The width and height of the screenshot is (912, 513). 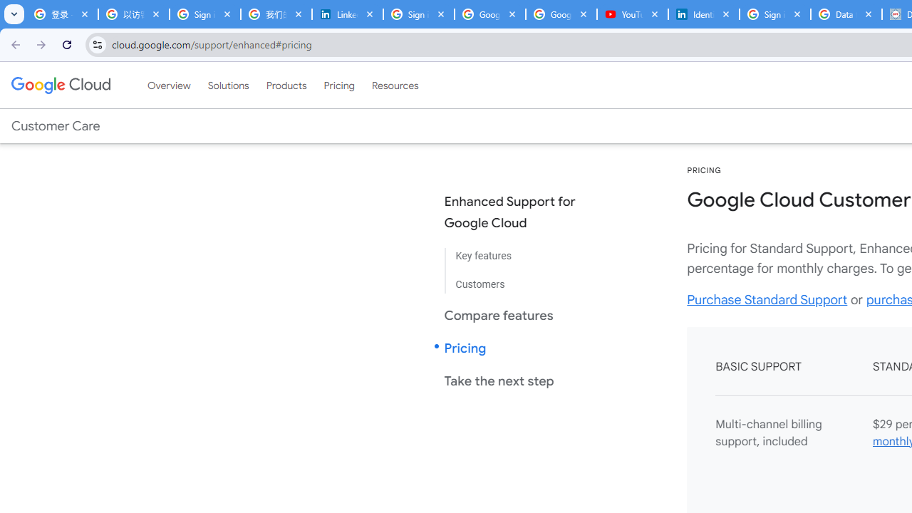 What do you see at coordinates (774, 14) in the screenshot?
I see `'Sign in - Google Accounts'` at bounding box center [774, 14].